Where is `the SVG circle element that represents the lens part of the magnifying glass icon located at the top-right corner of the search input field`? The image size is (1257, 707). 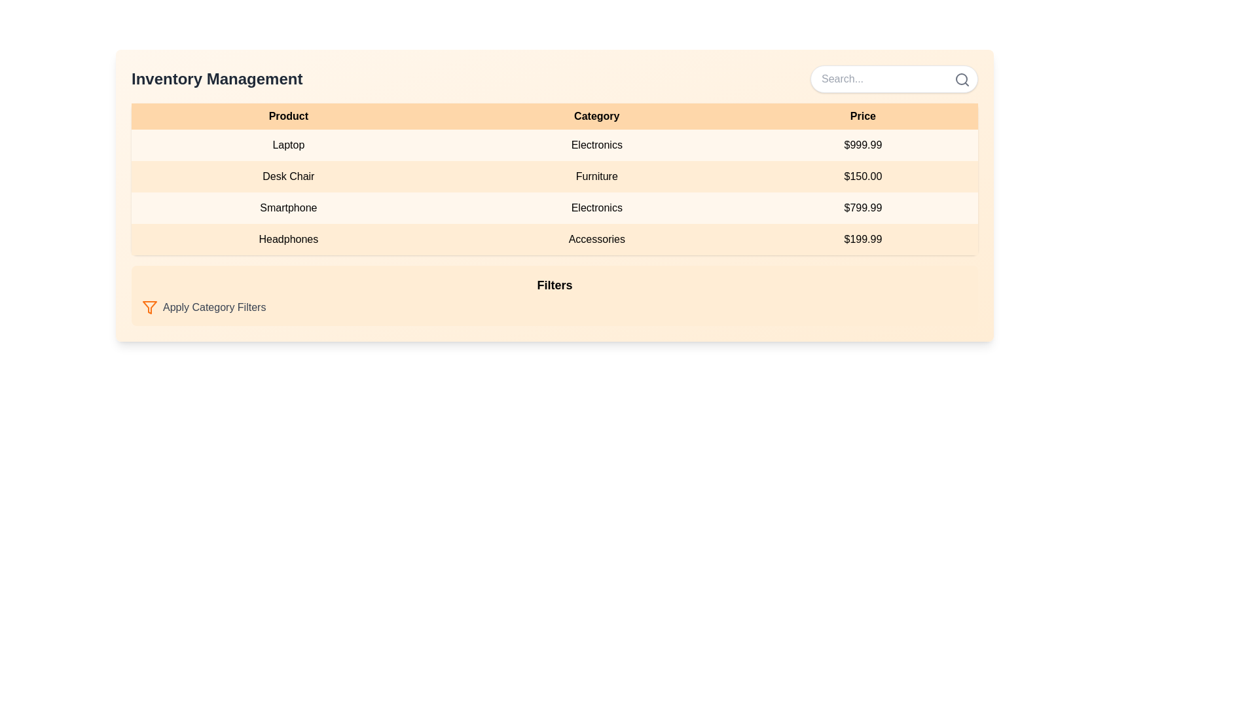
the SVG circle element that represents the lens part of the magnifying glass icon located at the top-right corner of the search input field is located at coordinates (961, 79).